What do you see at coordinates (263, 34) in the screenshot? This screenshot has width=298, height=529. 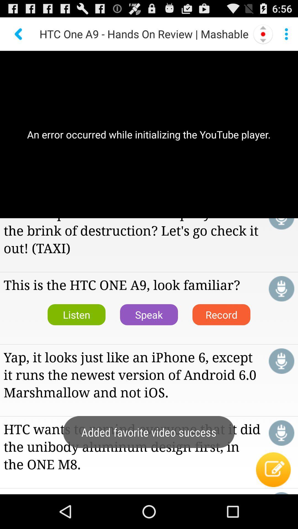 I see `left right option` at bounding box center [263, 34].